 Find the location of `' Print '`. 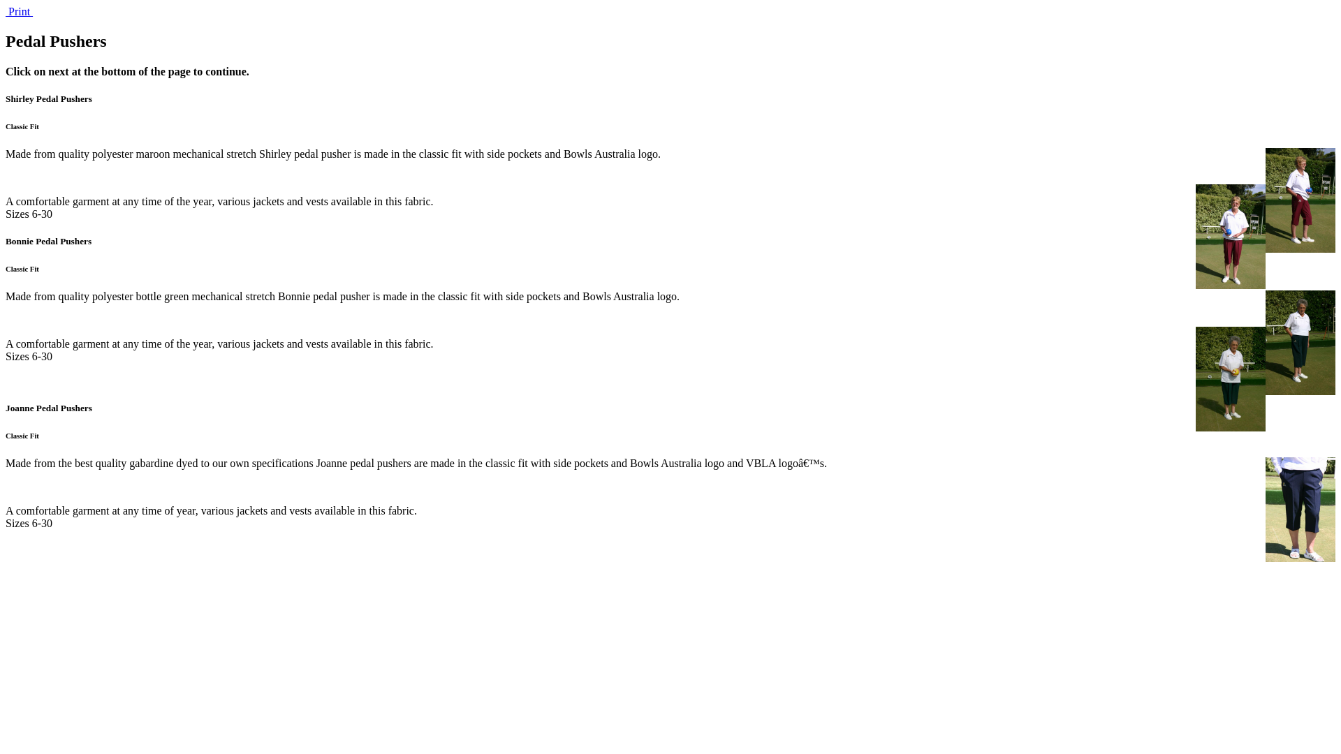

' Print ' is located at coordinates (19, 11).